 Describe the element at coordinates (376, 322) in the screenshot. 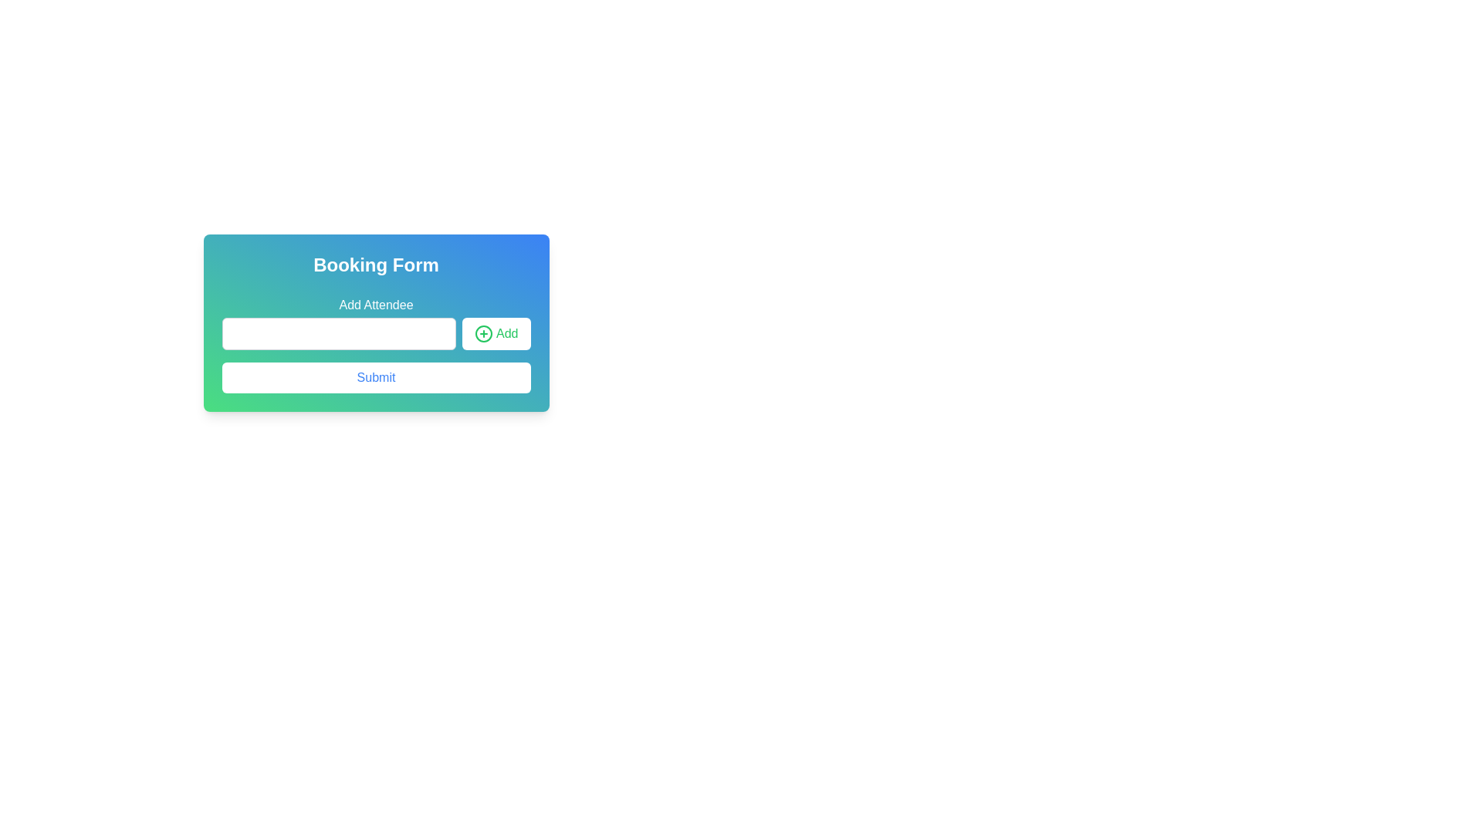

I see `the input box associated with the 'Add Attendee' label to focus and type in the Booking Form card` at that location.